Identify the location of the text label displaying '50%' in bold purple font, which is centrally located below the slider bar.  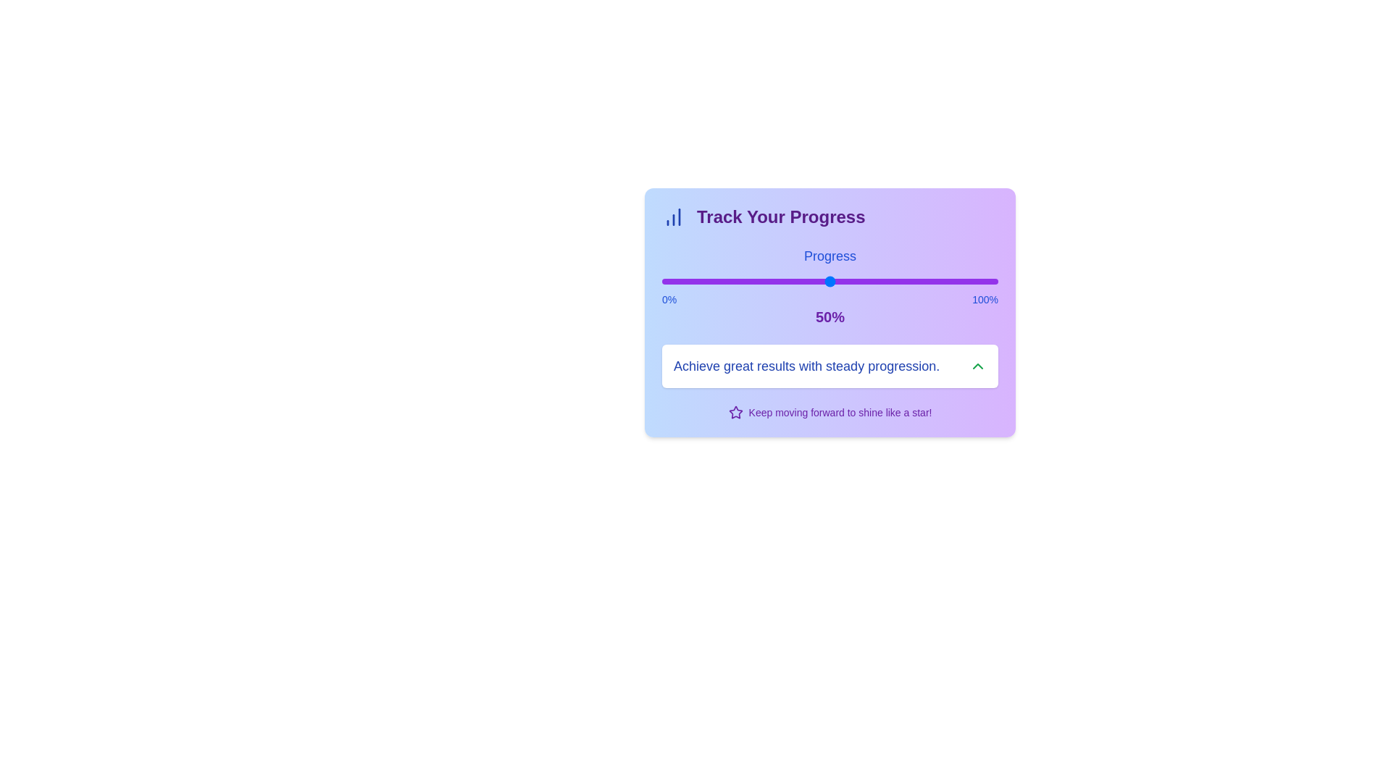
(830, 316).